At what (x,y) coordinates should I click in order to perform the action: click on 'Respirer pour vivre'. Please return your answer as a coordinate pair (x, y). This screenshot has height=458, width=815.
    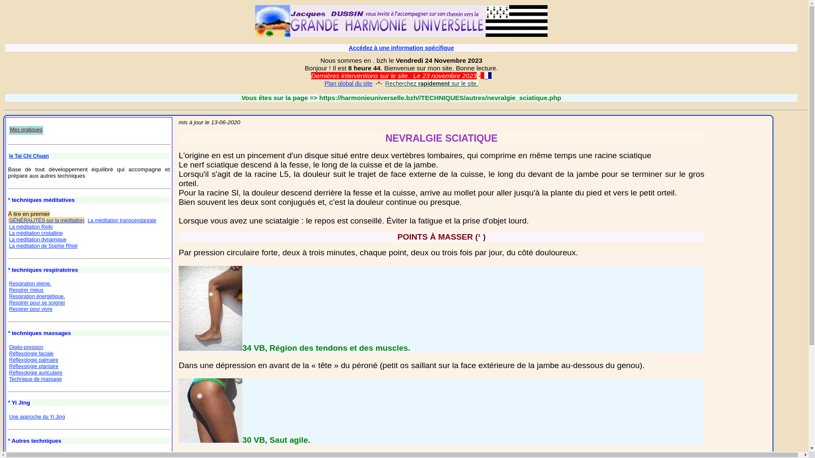
    Looking at the image, I should click on (31, 309).